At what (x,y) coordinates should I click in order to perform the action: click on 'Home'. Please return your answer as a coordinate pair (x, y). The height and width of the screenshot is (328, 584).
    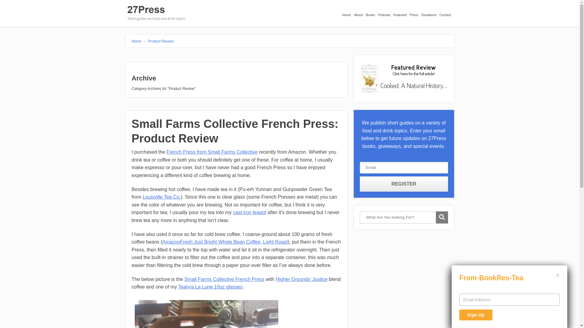
    Looking at the image, I should click on (342, 13).